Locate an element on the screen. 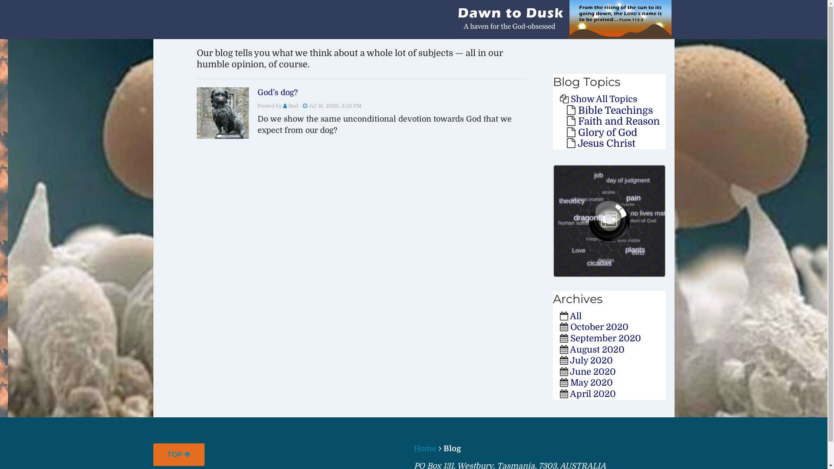  'Faith and Reason' is located at coordinates (618, 121).